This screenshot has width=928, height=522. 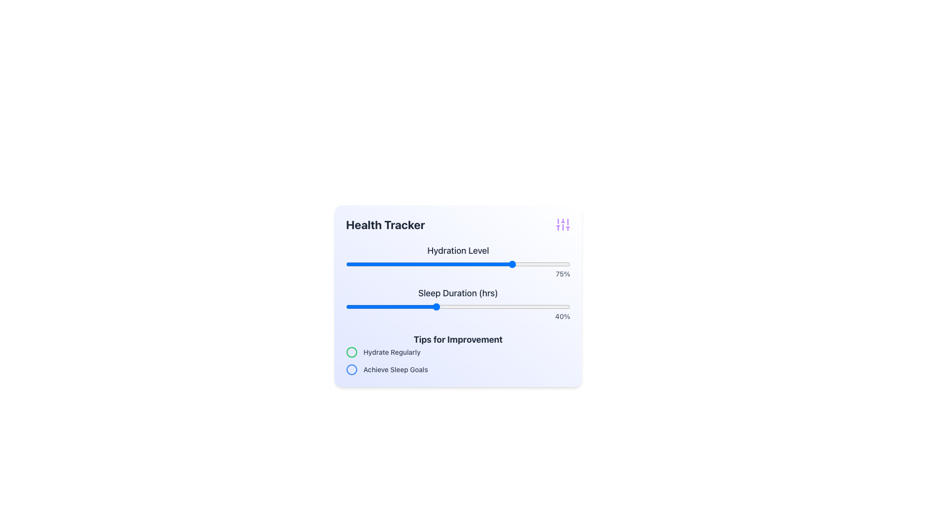 What do you see at coordinates (351, 369) in the screenshot?
I see `the second circular indicator in the 'Tips for Improvement' section, which is a Circle SVG Element indicating 'Achieve Sleep Goals'` at bounding box center [351, 369].